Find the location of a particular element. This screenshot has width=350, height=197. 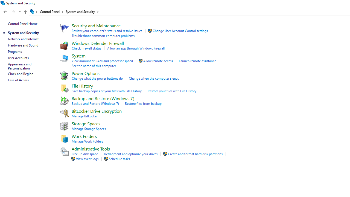

'User Accounts' is located at coordinates (18, 58).